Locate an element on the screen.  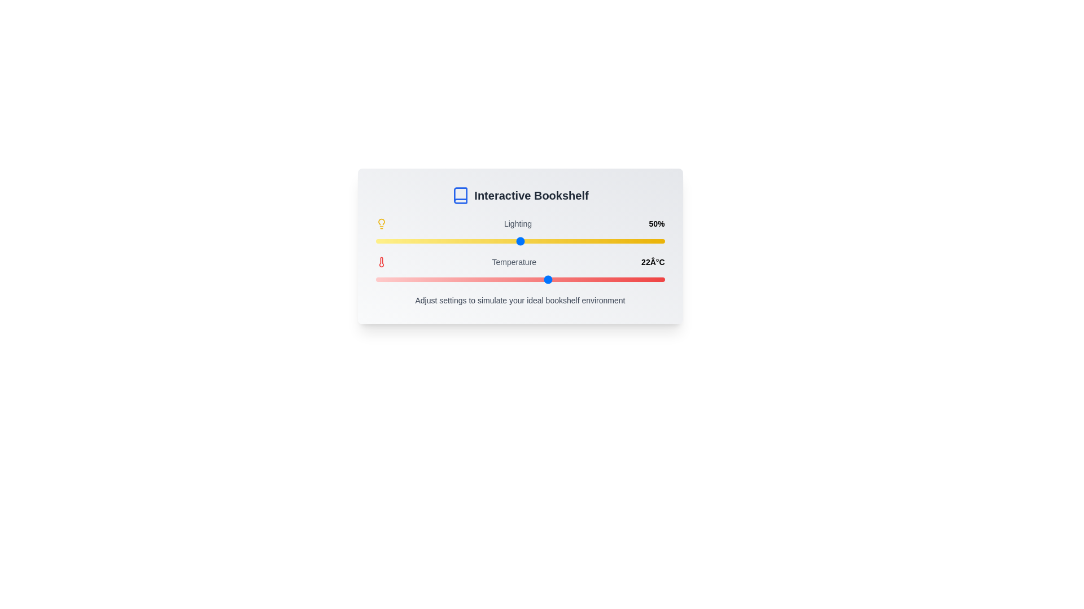
the lighting slider to 20% is located at coordinates (432, 241).